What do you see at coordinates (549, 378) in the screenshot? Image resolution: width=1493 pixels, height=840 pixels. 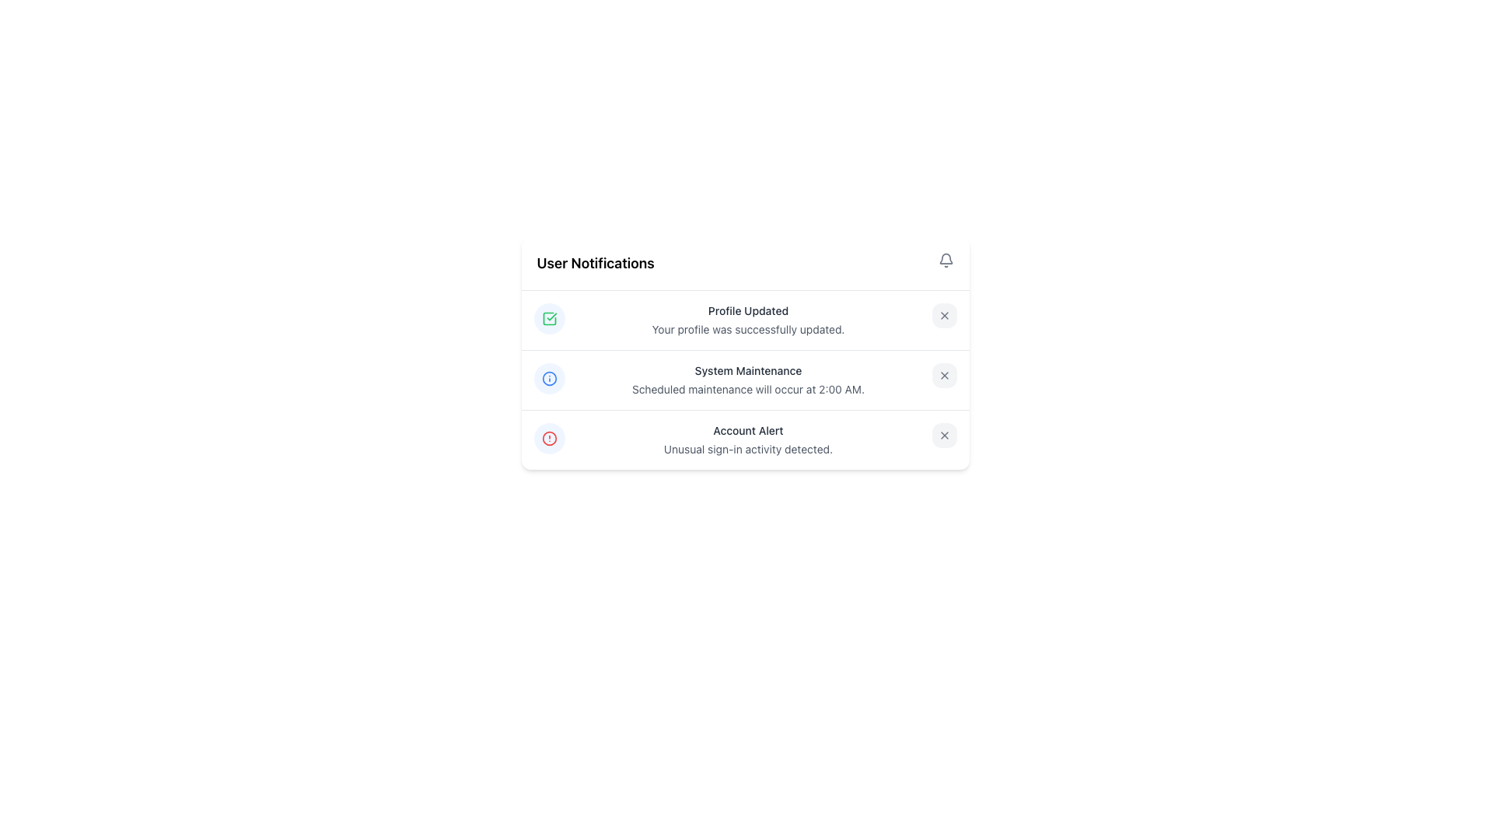 I see `the icon in the second row of the 'User Notifications' list indicating 'System Maintenance'` at bounding box center [549, 378].